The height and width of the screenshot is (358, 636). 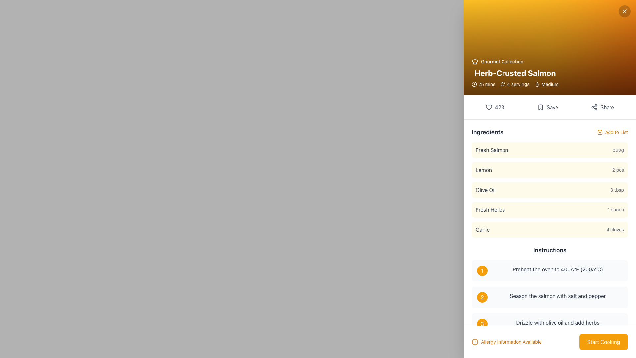 I want to click on instructional text block displaying step 3, which contains the text 'Drizzle with olive oil and add herbs' and has a numeric indicator '3' on the left, so click(x=550, y=323).